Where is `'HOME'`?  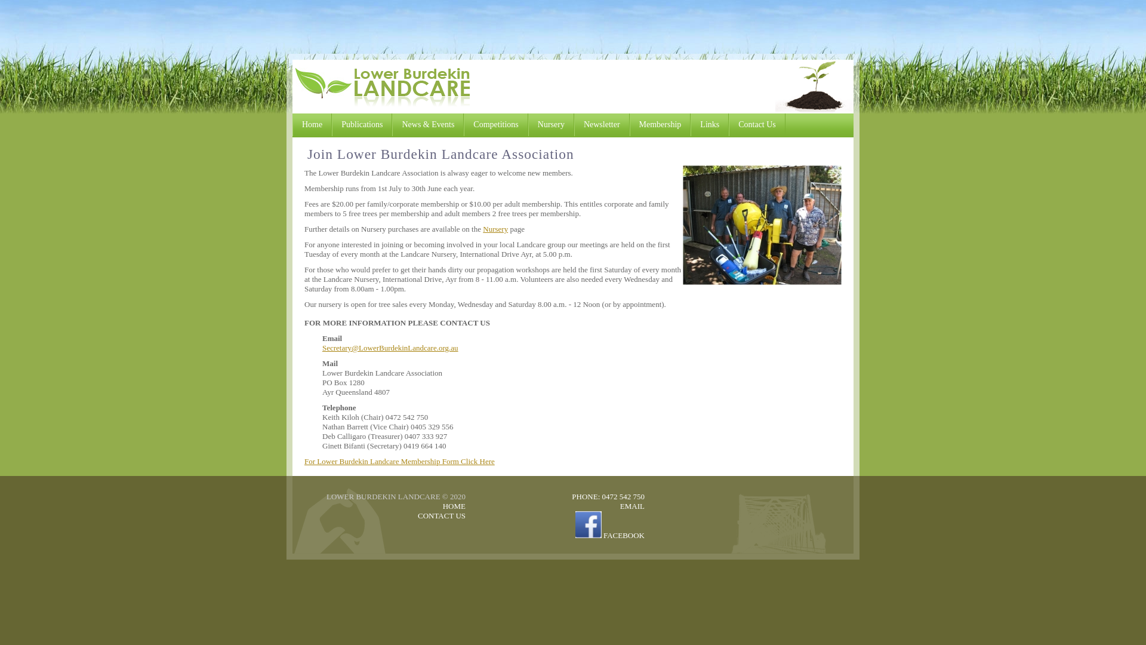 'HOME' is located at coordinates (454, 506).